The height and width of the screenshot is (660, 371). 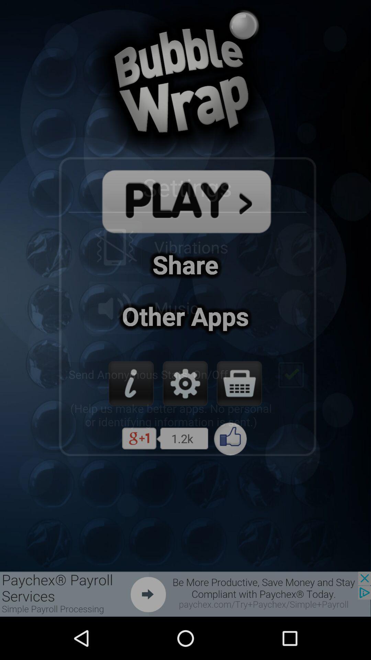 I want to click on the info icon, so click(x=131, y=410).